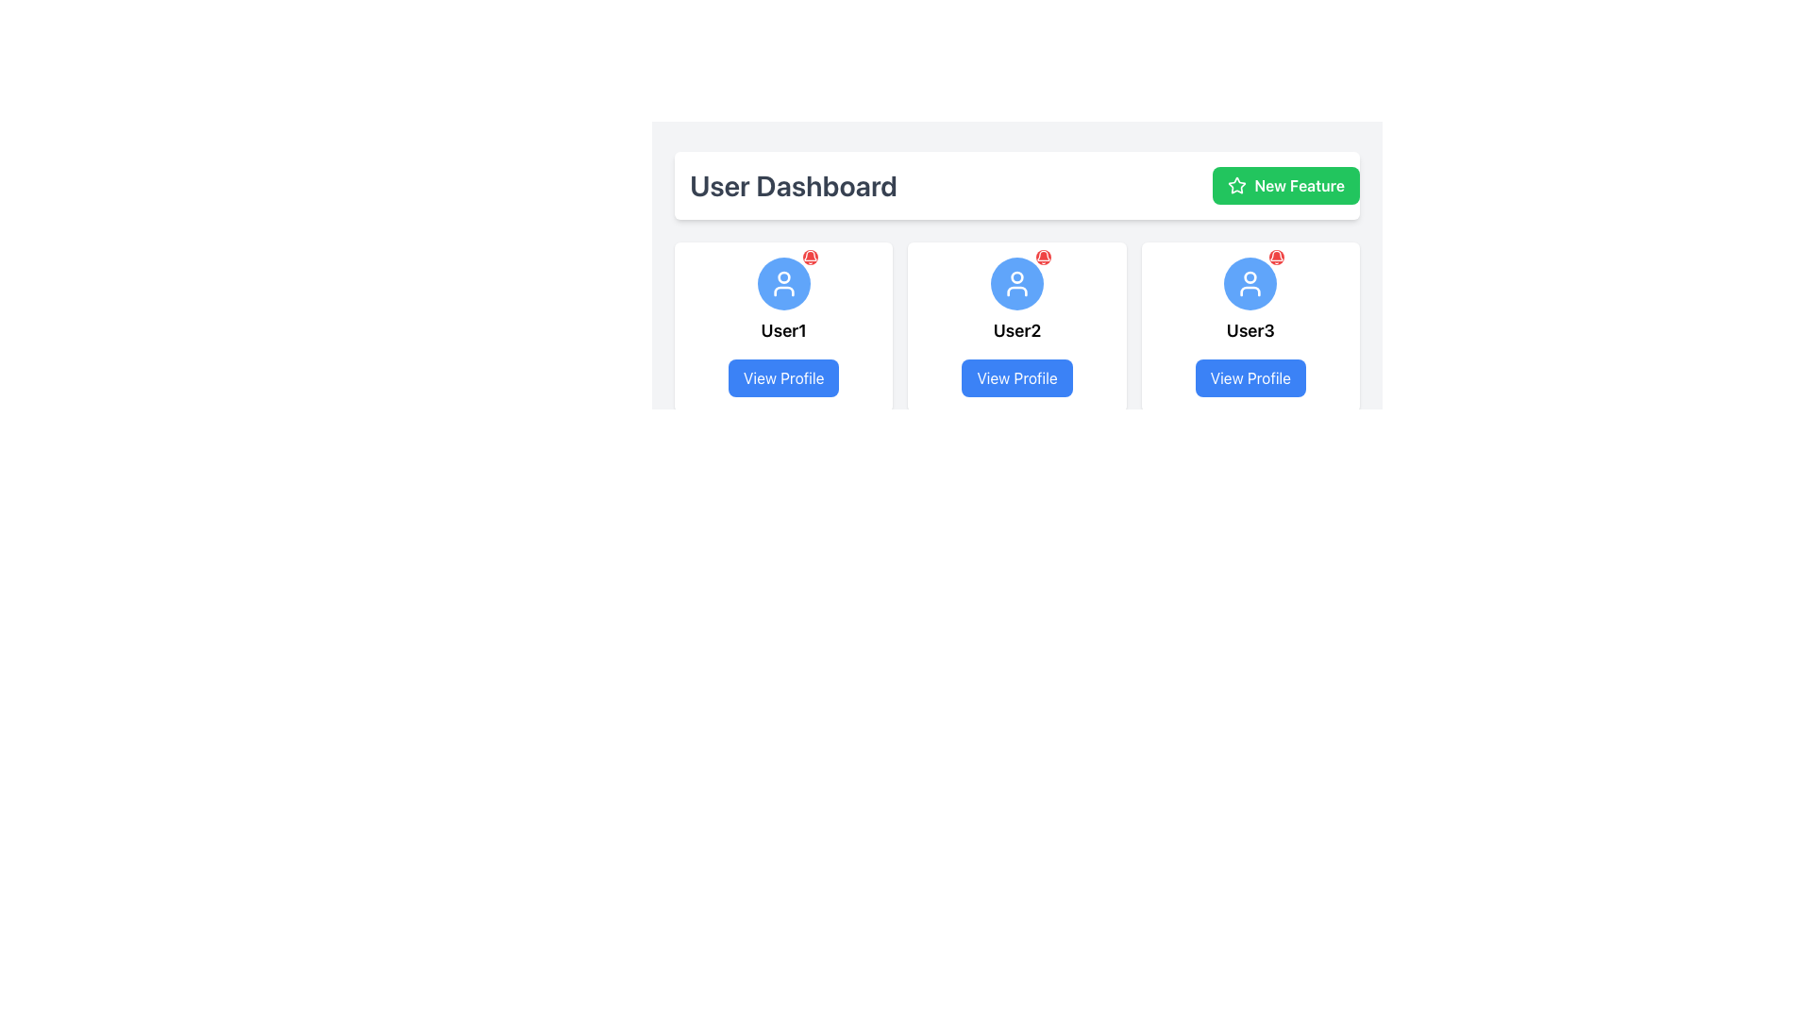 Image resolution: width=1812 pixels, height=1019 pixels. What do you see at coordinates (1016, 330) in the screenshot?
I see `text of the bold 'User2' label located beneath the avatar icon in the middle card of the three horizontally arranged cards` at bounding box center [1016, 330].